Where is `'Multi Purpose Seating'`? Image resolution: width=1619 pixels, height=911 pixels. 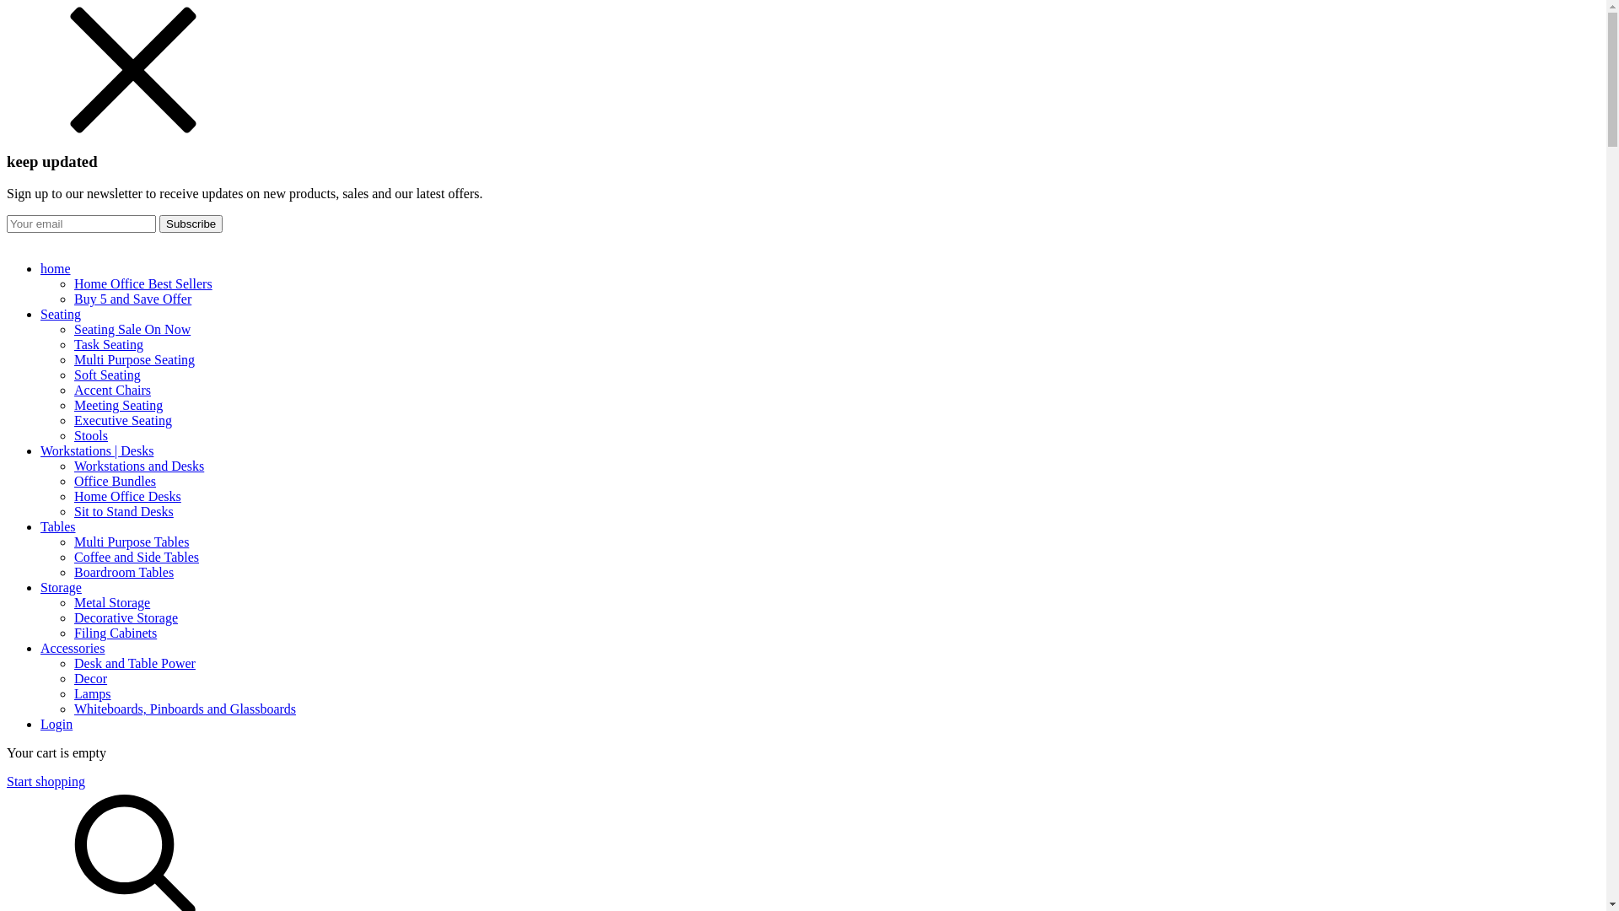 'Multi Purpose Seating' is located at coordinates (133, 358).